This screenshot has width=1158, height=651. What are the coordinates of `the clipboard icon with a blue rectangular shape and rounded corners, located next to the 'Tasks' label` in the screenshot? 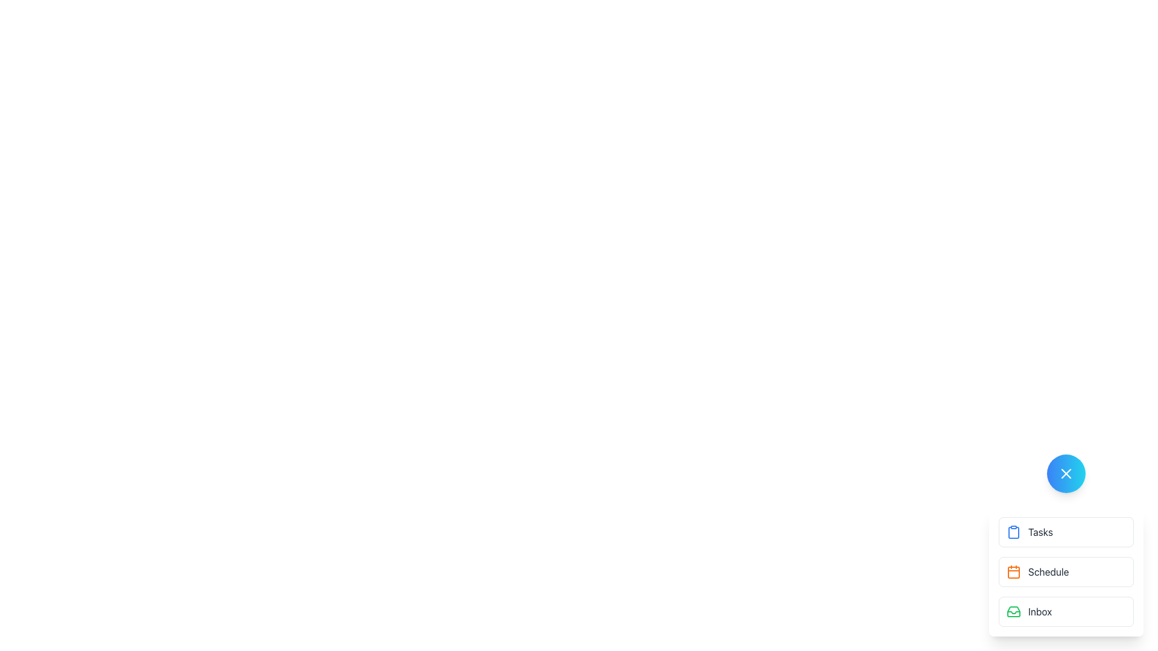 It's located at (1013, 532).